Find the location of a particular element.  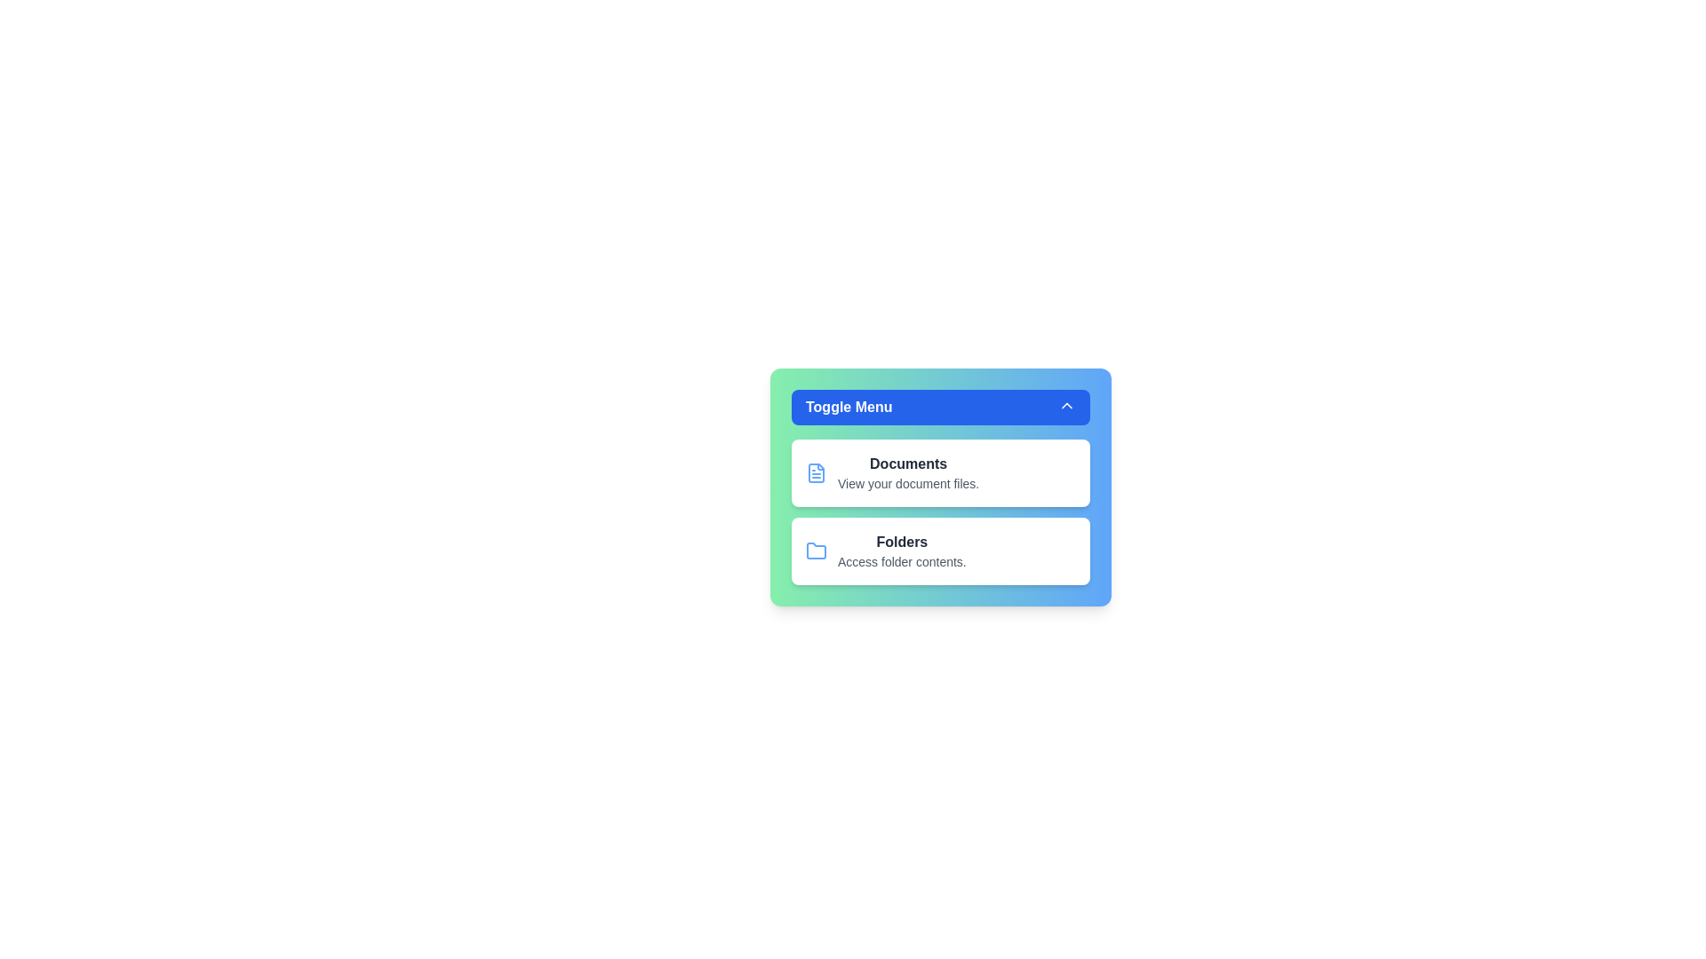

the icon next to the menu item Folders is located at coordinates (815, 551).